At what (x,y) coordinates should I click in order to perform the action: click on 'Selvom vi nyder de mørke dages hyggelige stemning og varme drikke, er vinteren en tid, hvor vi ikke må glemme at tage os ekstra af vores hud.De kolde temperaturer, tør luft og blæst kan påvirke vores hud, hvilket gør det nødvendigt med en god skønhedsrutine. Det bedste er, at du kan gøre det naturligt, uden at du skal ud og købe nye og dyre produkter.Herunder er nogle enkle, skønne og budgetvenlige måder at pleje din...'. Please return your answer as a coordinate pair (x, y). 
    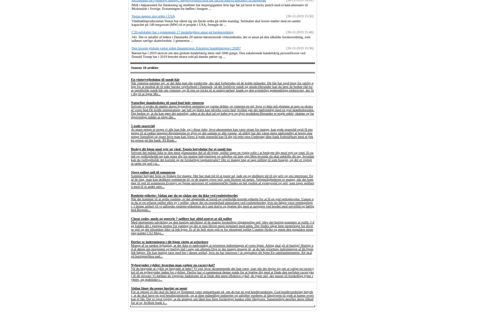
    Looking at the image, I should click on (222, 111).